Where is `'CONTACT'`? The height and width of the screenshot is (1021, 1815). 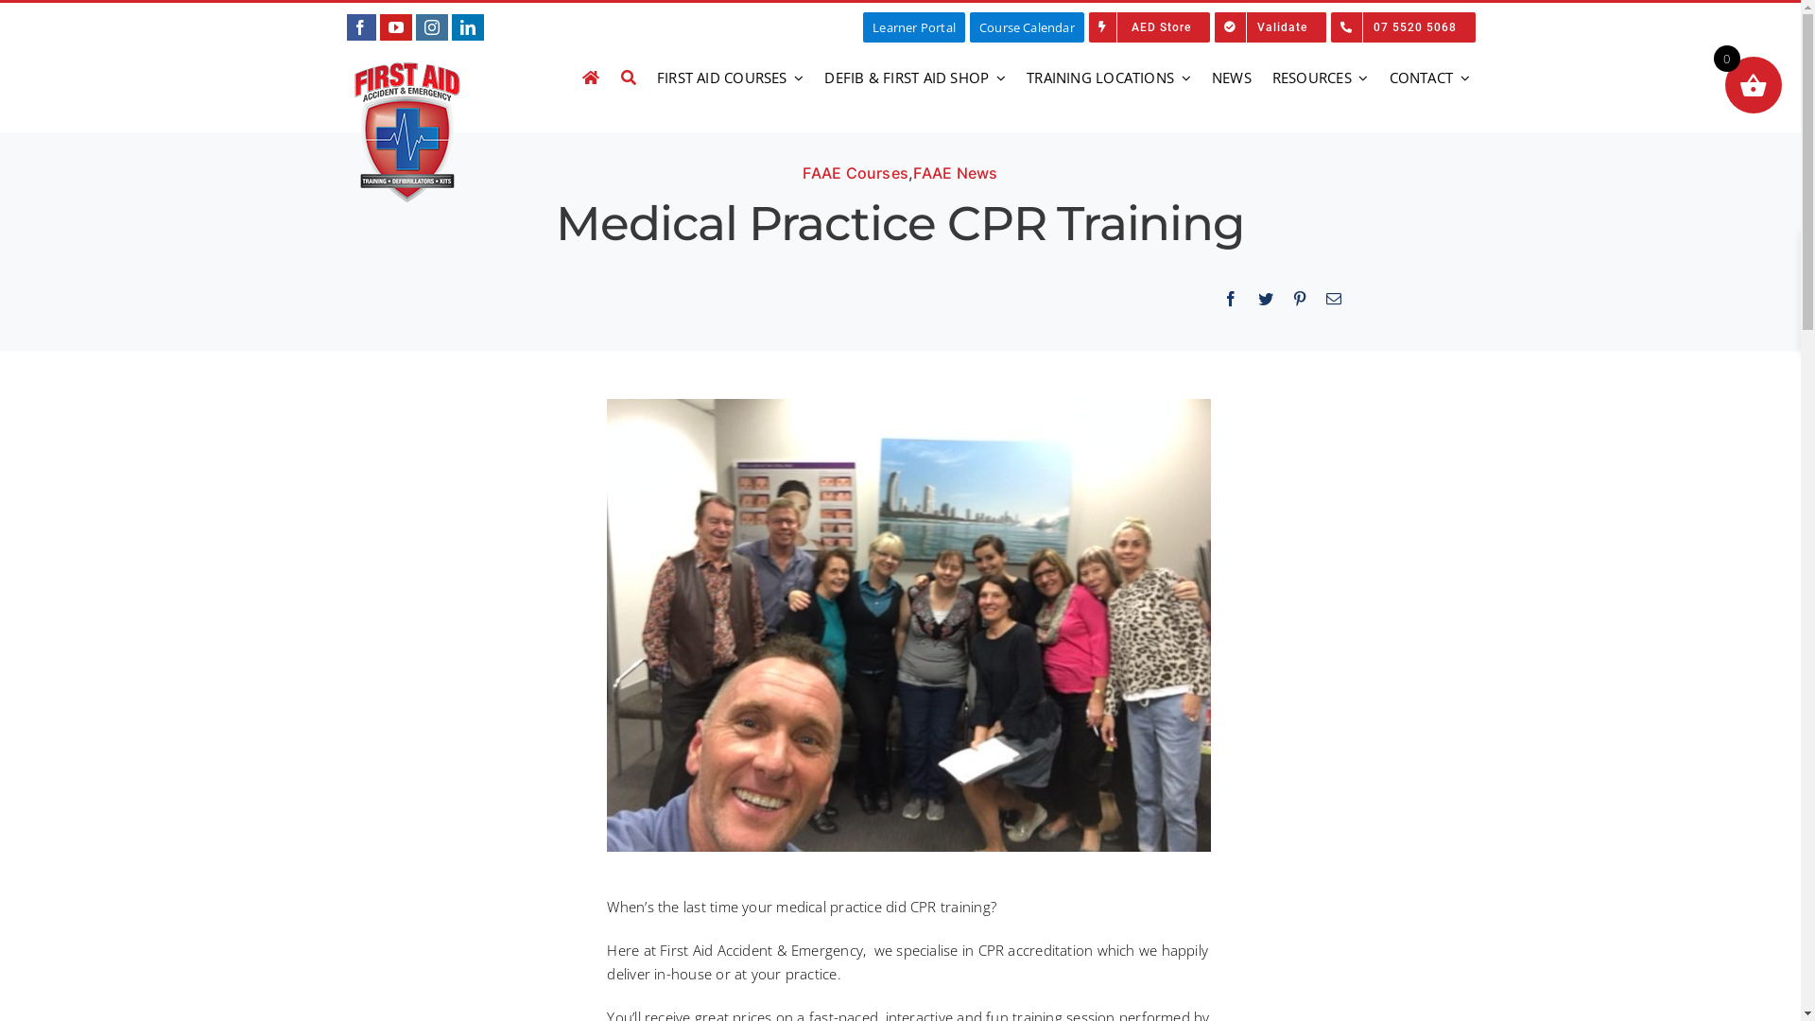
'CONTACT' is located at coordinates (1429, 76).